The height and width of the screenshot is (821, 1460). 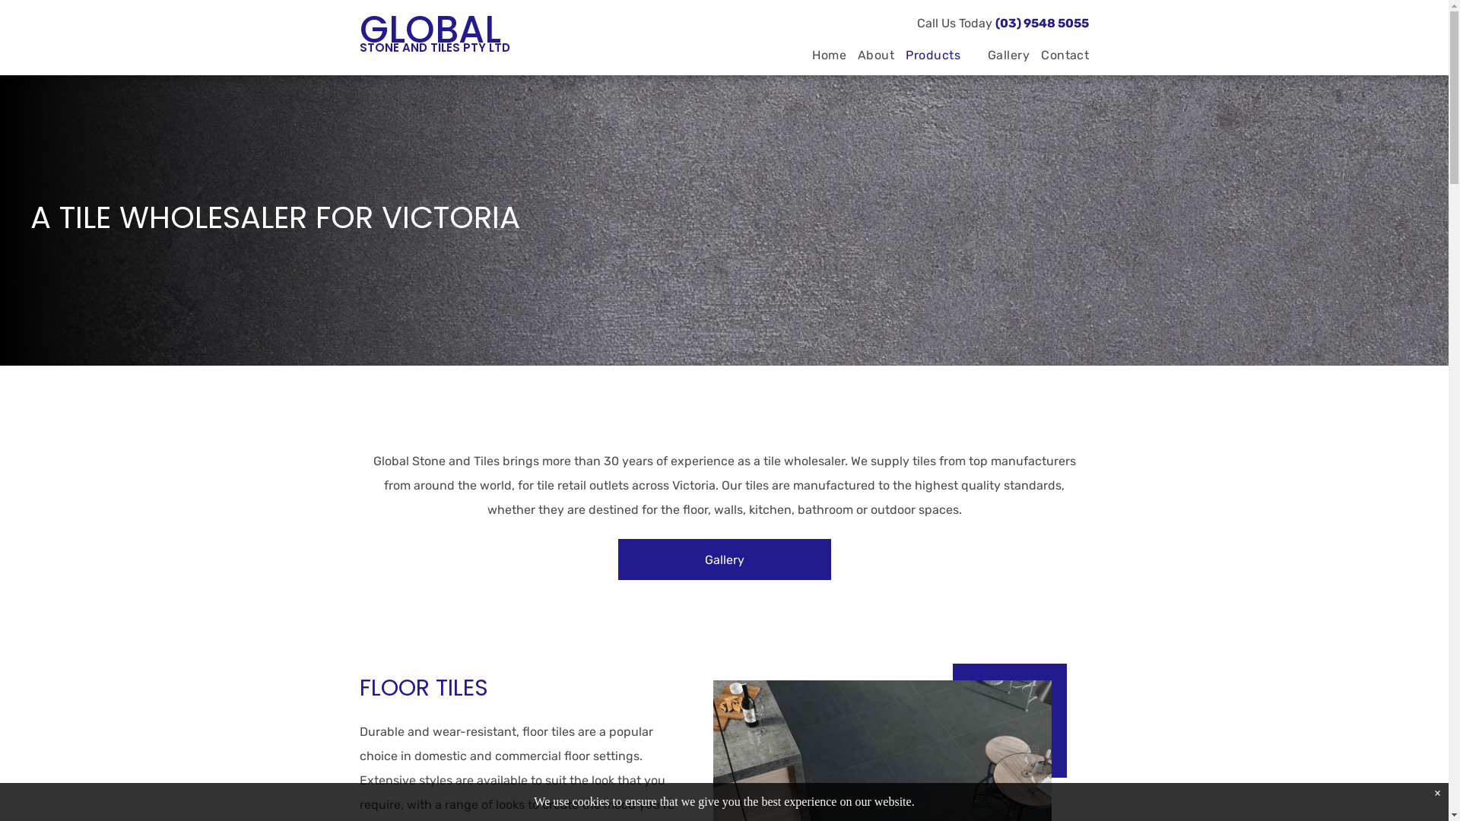 I want to click on 'About', so click(x=870, y=55).